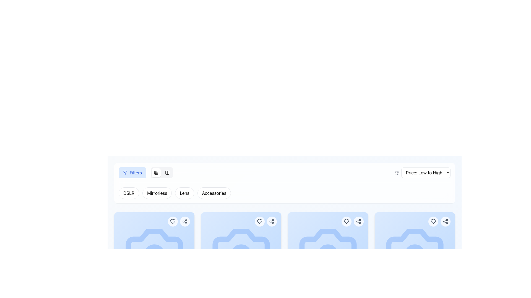 This screenshot has width=531, height=298. I want to click on the arrow of the dropdown menu positioned at the top right corner of the interface, so click(426, 172).